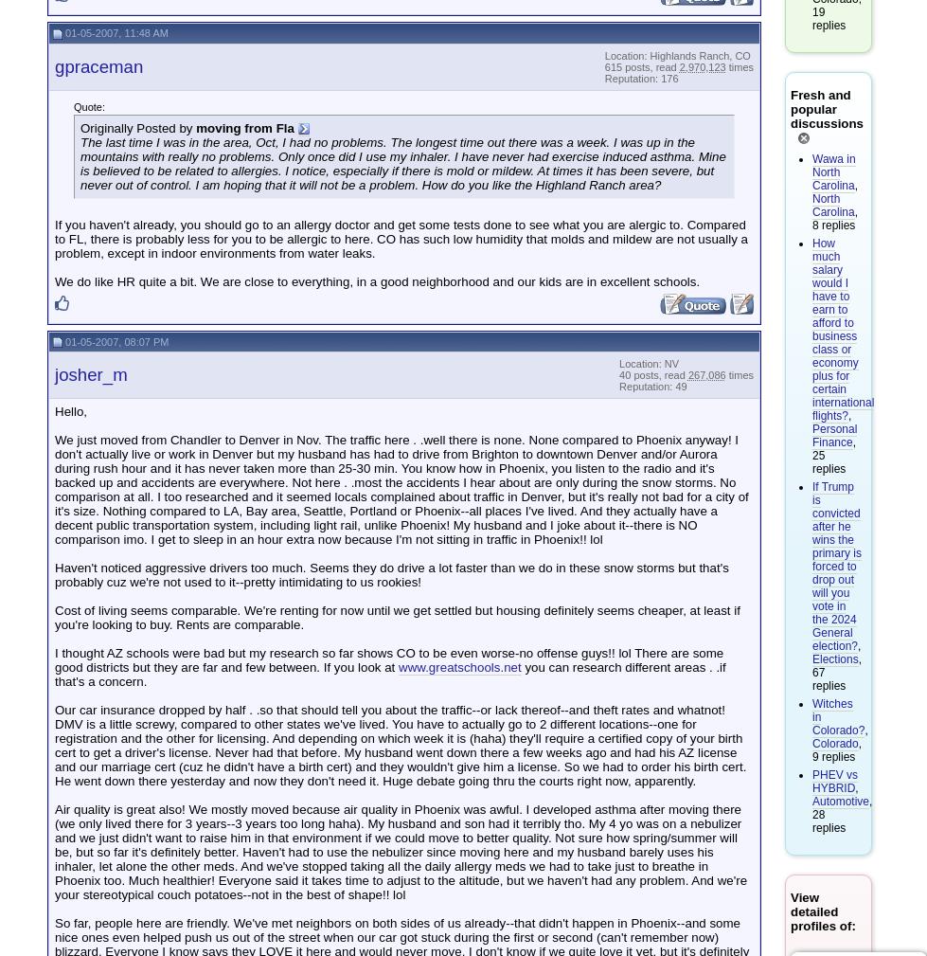 The width and height of the screenshot is (927, 956). What do you see at coordinates (833, 659) in the screenshot?
I see `'Elections'` at bounding box center [833, 659].